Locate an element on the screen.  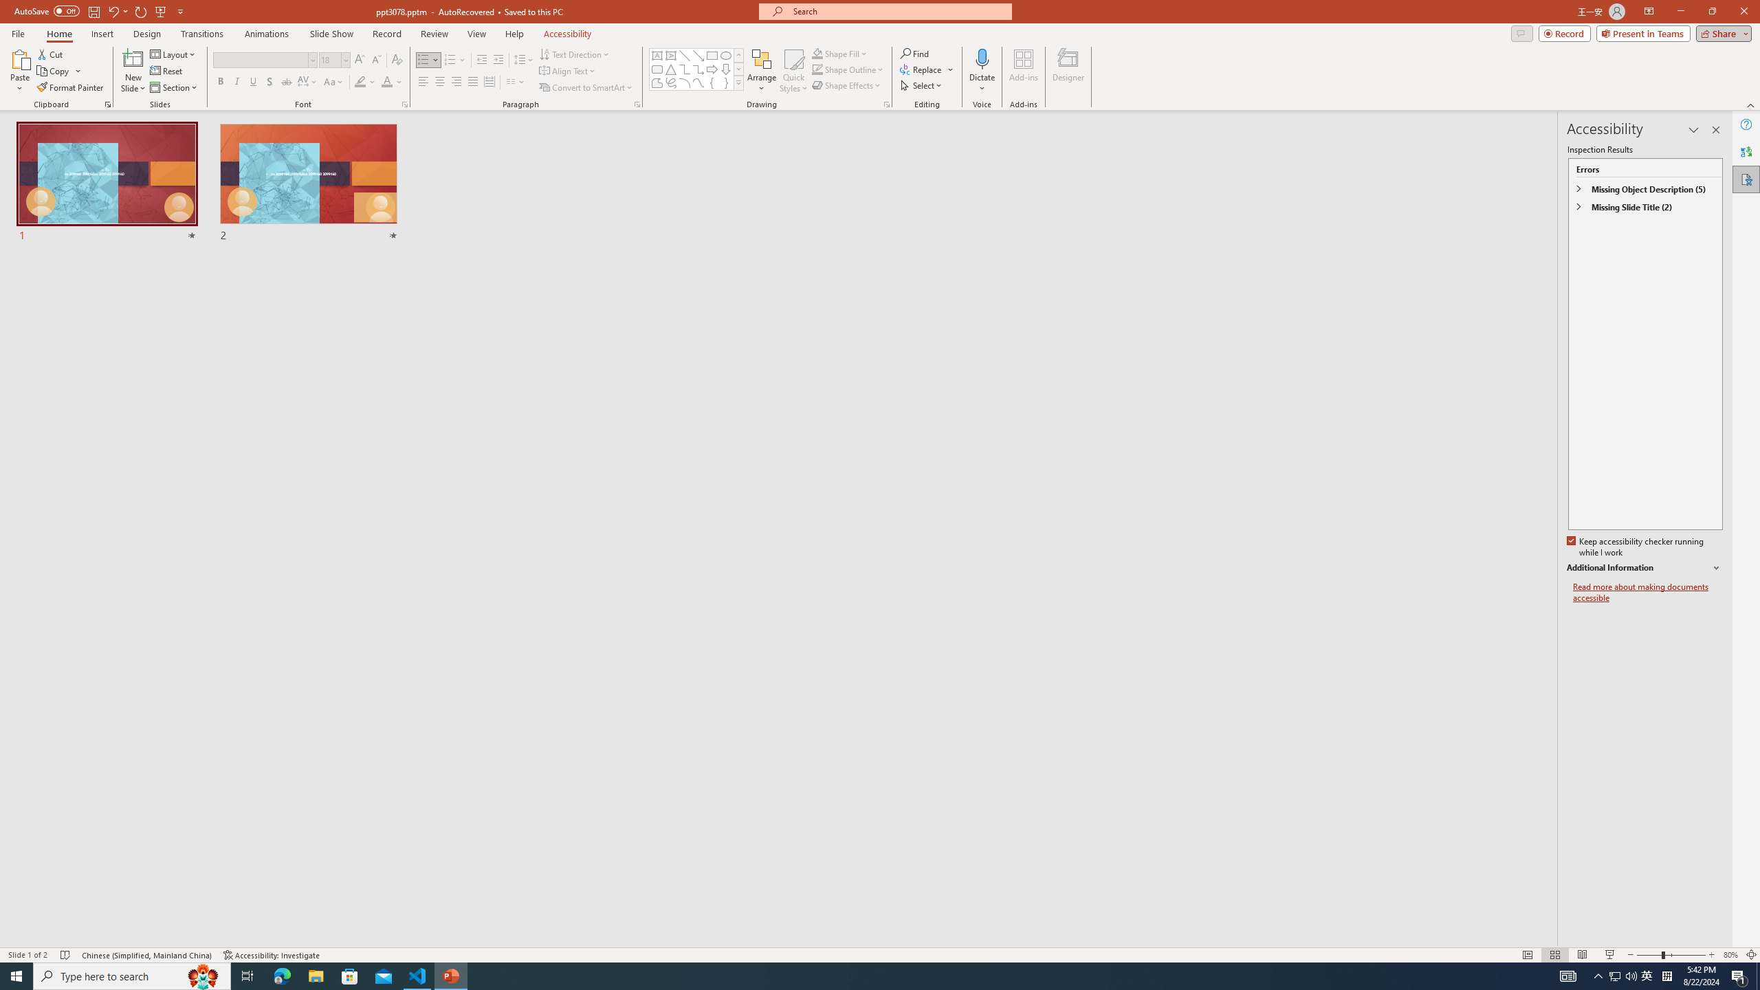
'Read more about making documents accessible' is located at coordinates (1647, 592).